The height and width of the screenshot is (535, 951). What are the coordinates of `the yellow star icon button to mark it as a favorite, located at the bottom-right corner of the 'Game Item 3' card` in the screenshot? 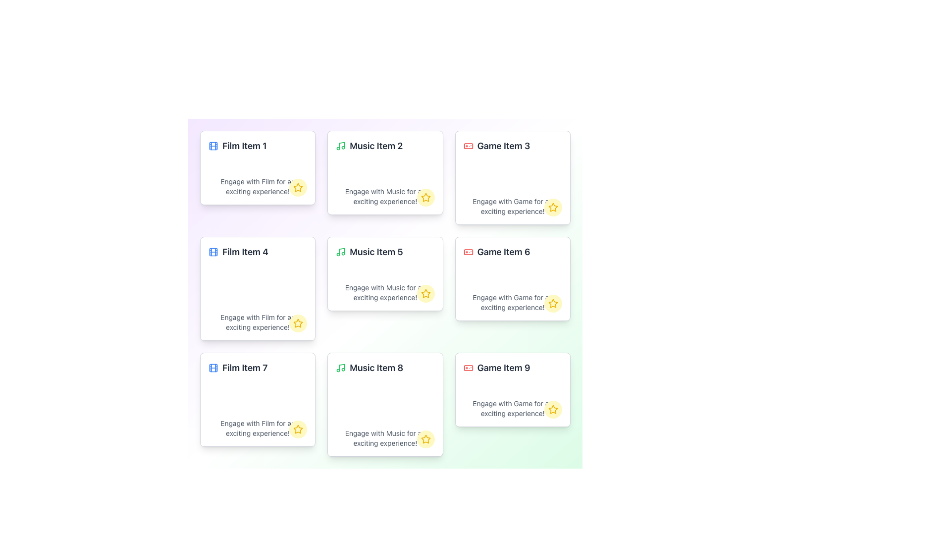 It's located at (553, 207).